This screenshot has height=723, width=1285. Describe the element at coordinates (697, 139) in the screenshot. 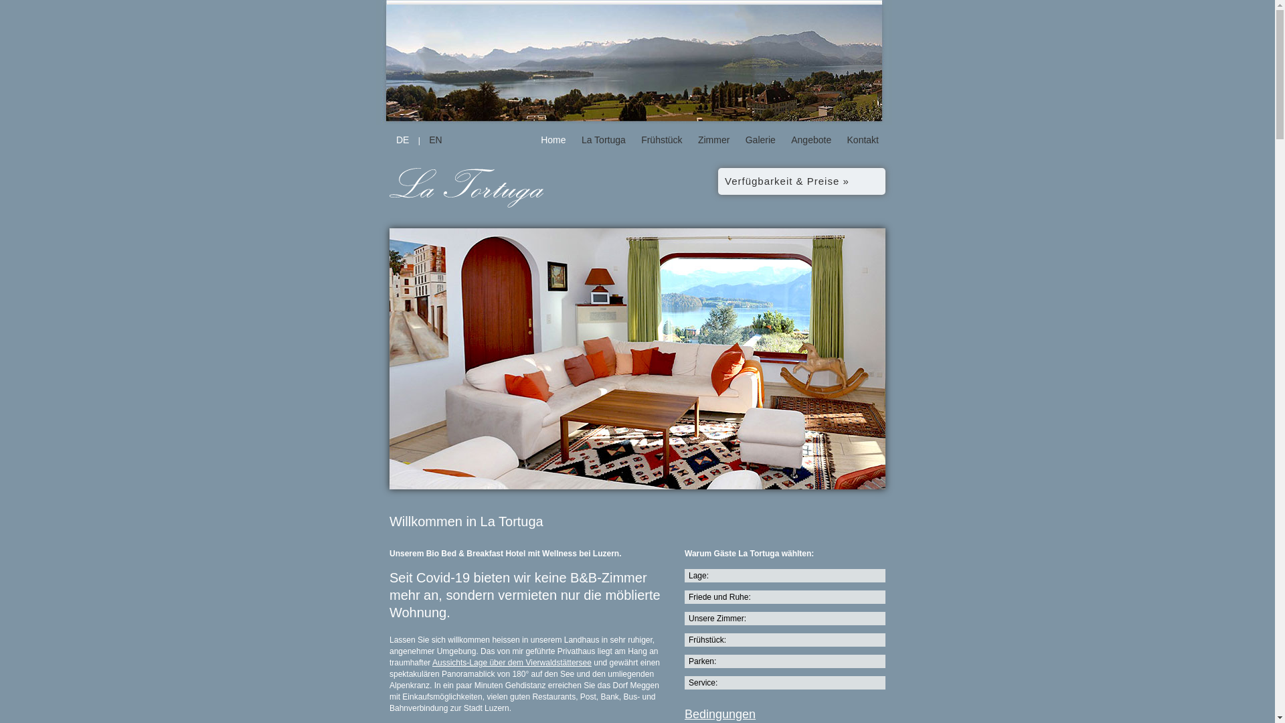

I see `'Zimmer'` at that location.